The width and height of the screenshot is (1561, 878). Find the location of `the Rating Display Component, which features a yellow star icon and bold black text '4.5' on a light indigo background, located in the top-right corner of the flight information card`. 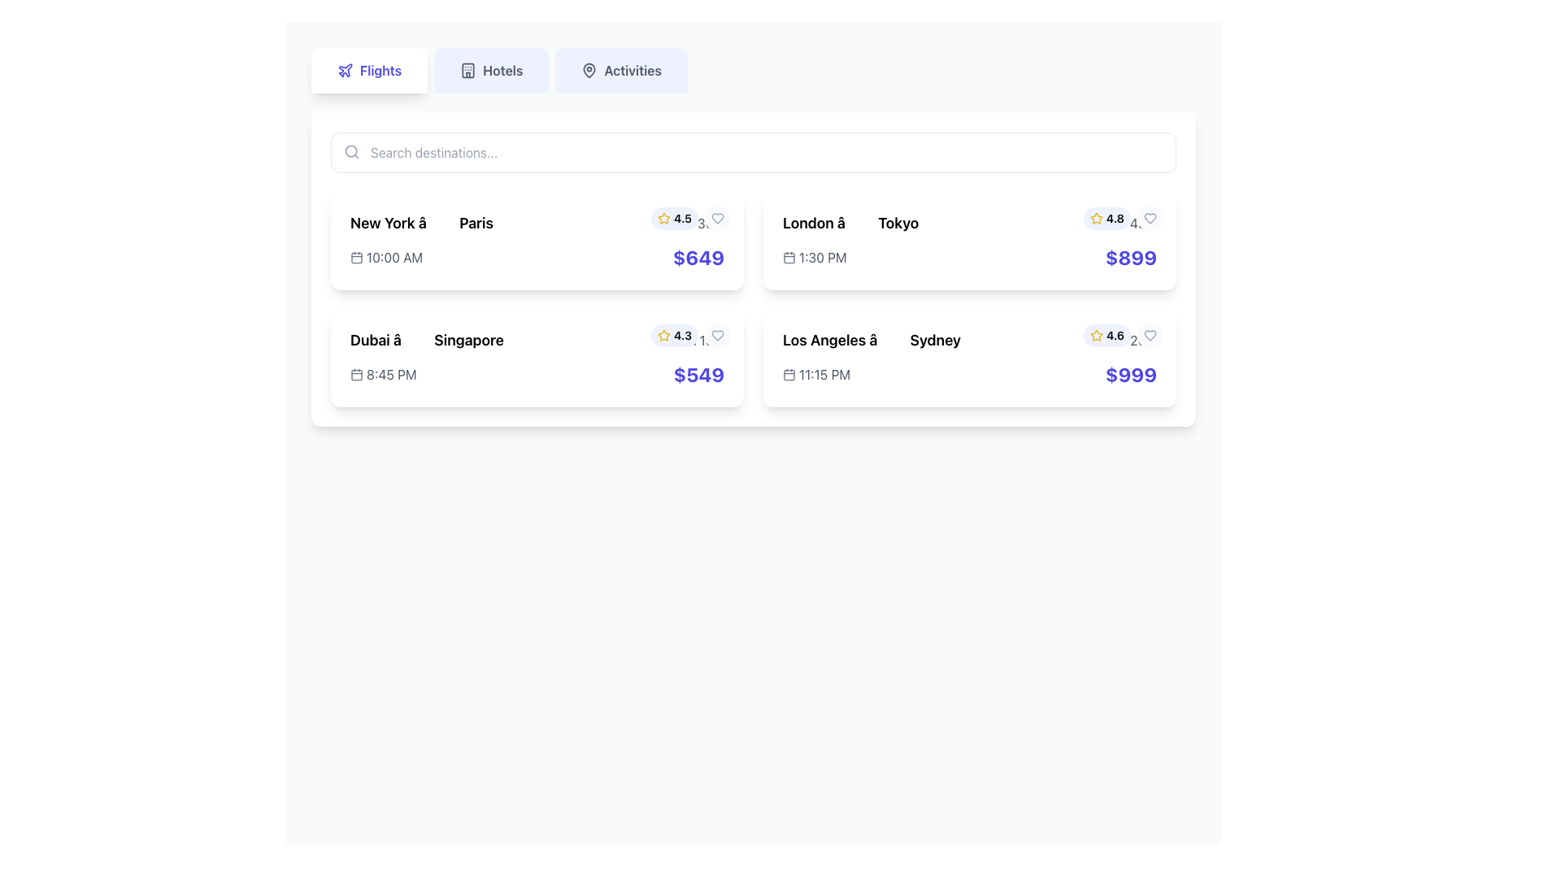

the Rating Display Component, which features a yellow star icon and bold black text '4.5' on a light indigo background, located in the top-right corner of the flight information card is located at coordinates (675, 218).